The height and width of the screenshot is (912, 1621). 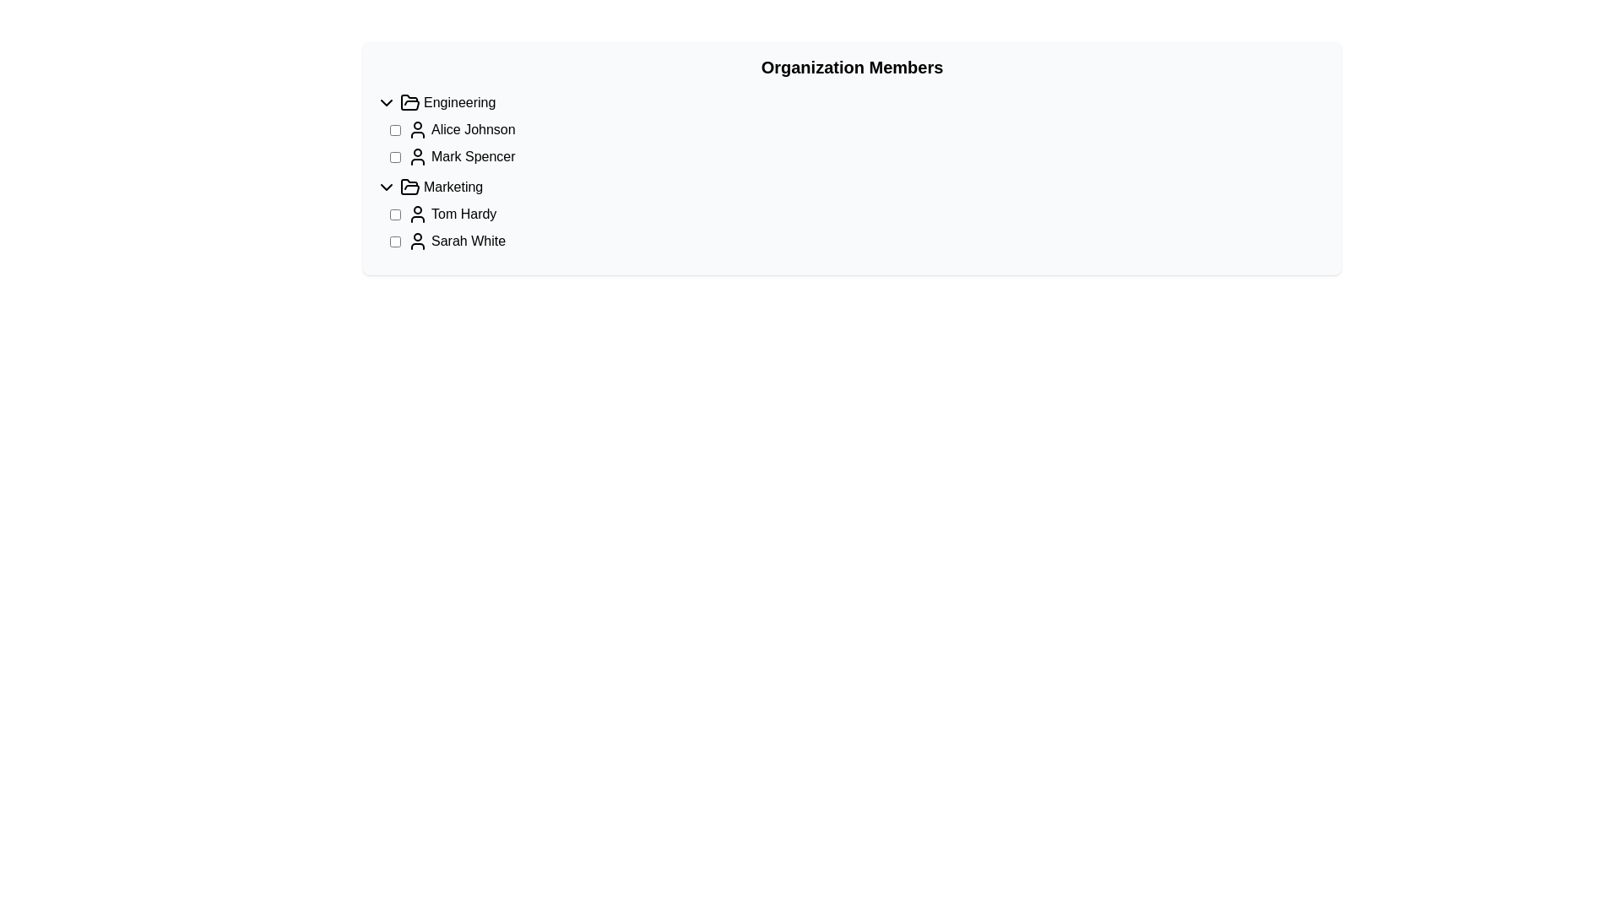 What do you see at coordinates (464, 214) in the screenshot?
I see `the text label displaying the name 'Tom Hardy', which is horizontally aligned with an icon and a checkbox in the 'Marketing' category` at bounding box center [464, 214].